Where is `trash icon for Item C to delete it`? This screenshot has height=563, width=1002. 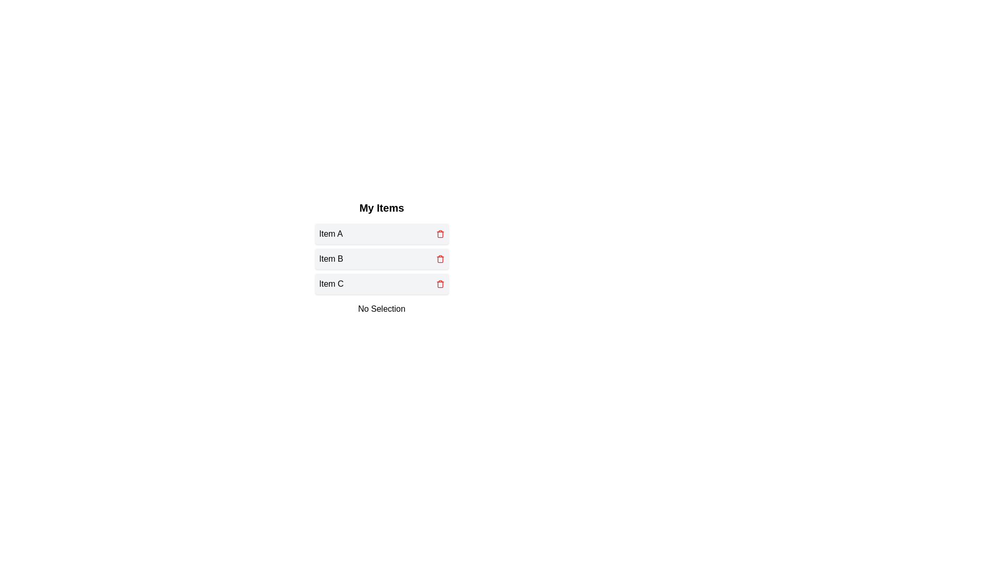
trash icon for Item C to delete it is located at coordinates (440, 284).